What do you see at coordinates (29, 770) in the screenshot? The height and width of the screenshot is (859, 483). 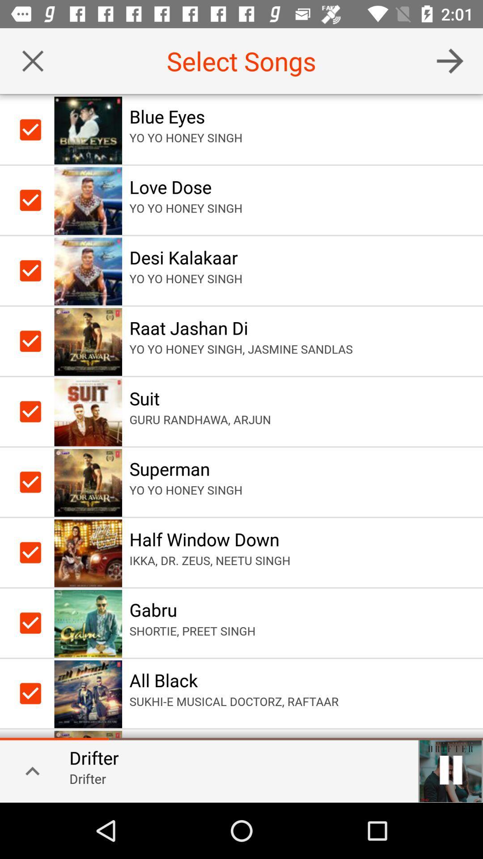 I see `up` at bounding box center [29, 770].